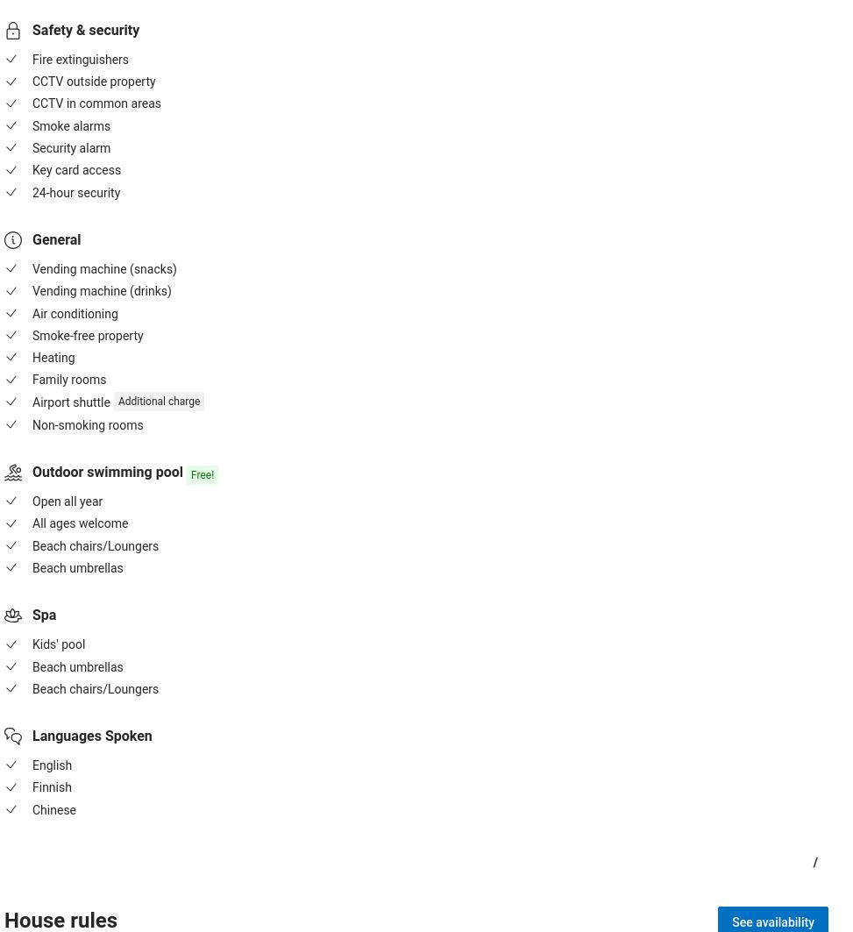  Describe the element at coordinates (84, 29) in the screenshot. I see `'Safety & security'` at that location.